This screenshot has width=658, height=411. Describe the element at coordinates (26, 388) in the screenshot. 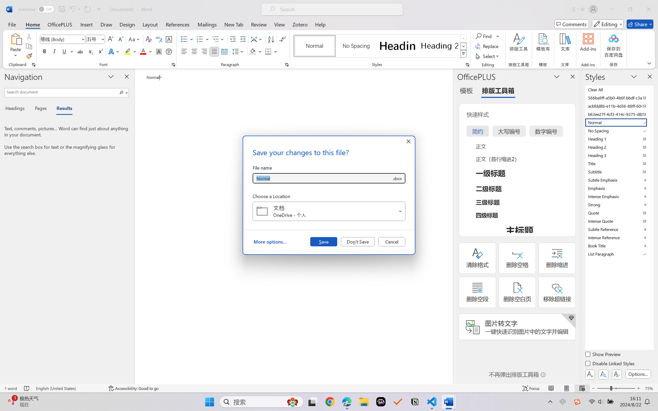

I see `'Spelling and Grammar Check No Errors'` at that location.